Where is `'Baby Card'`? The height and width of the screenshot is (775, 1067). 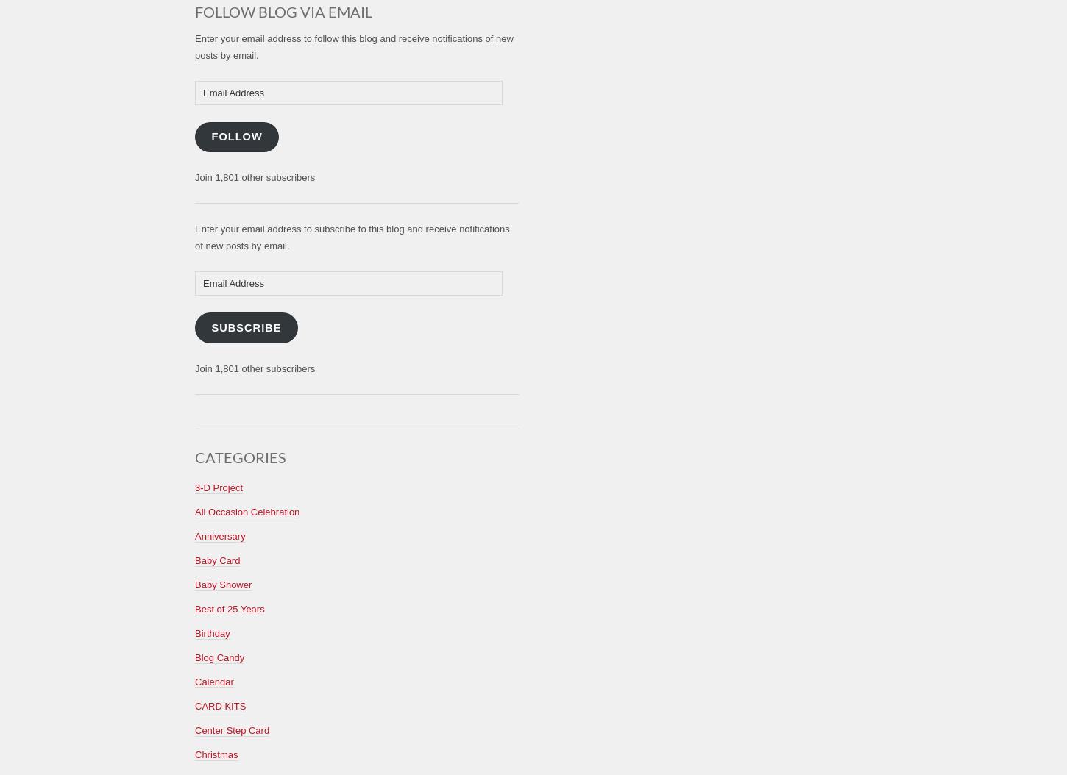 'Baby Card' is located at coordinates (195, 560).